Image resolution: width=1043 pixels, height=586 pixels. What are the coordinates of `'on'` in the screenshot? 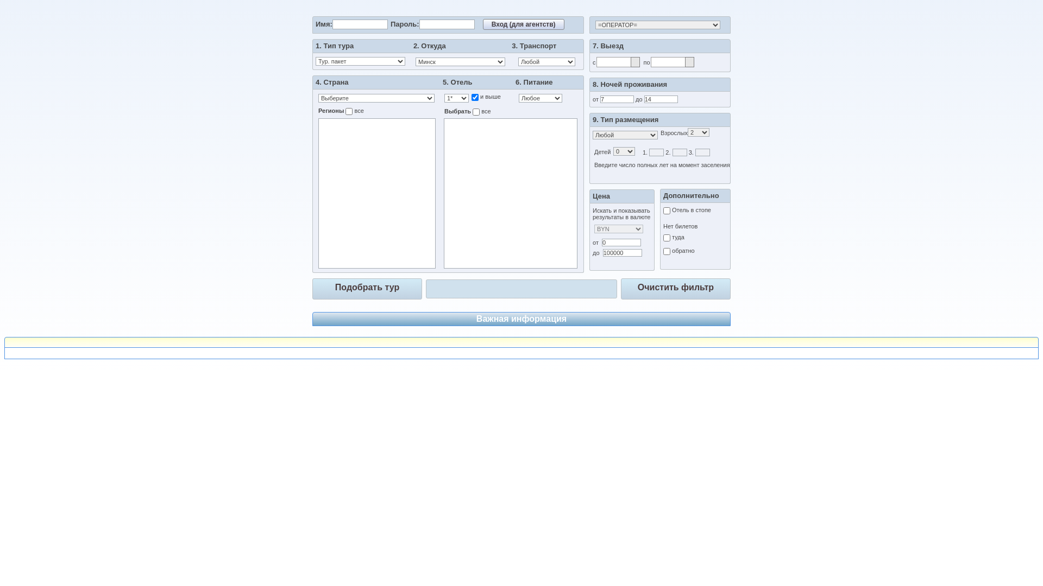 It's located at (476, 112).